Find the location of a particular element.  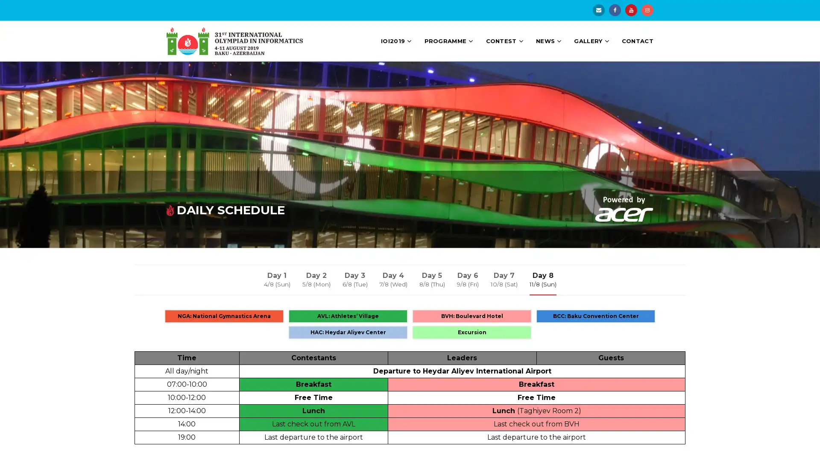

AVL: Athletes Village is located at coordinates (348, 316).